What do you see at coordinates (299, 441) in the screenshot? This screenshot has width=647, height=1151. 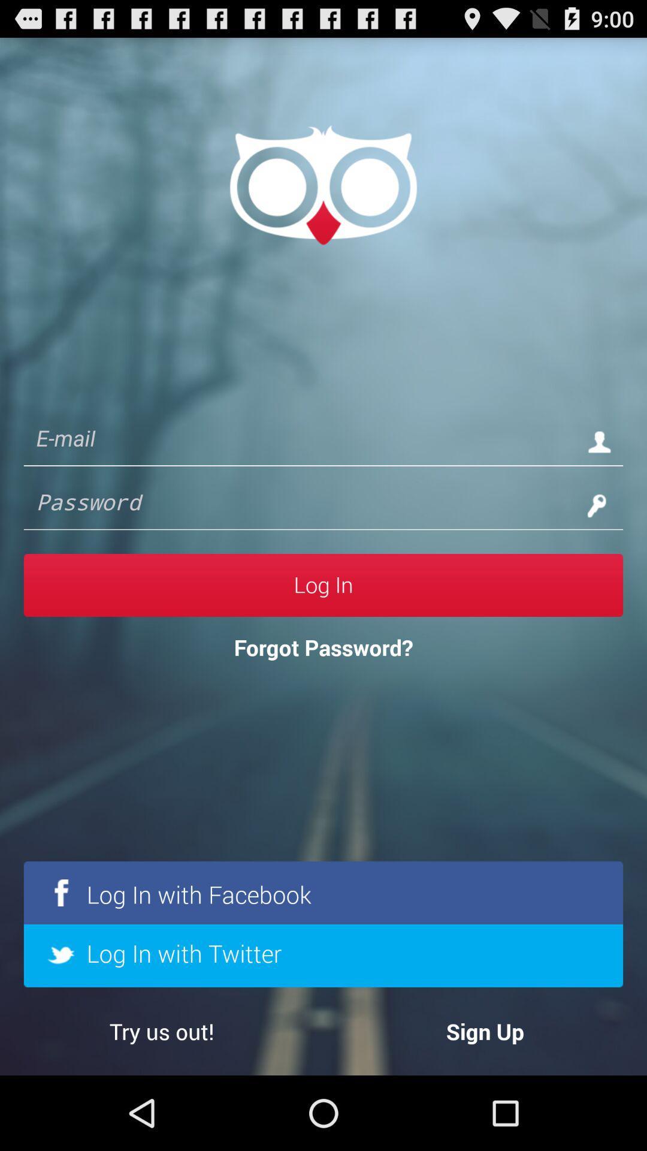 I see `email` at bounding box center [299, 441].